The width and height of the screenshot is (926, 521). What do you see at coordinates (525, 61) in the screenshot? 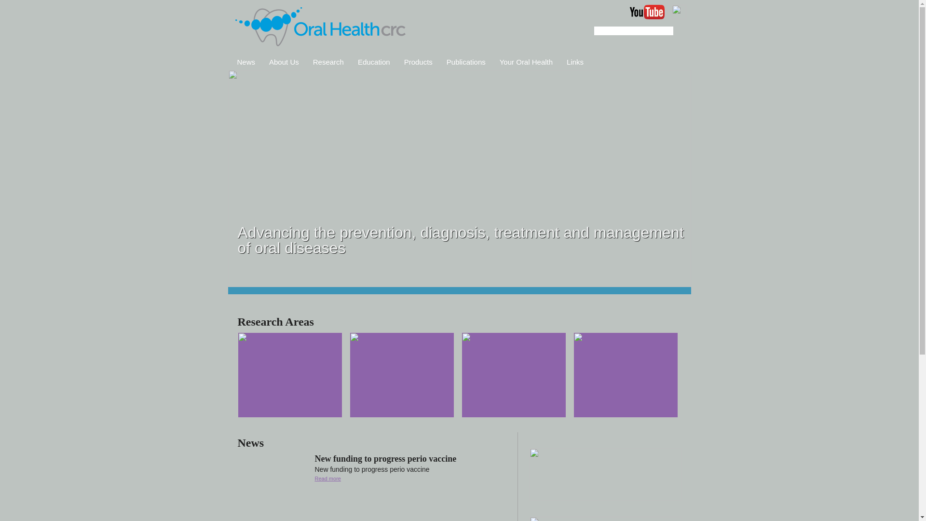
I see `'Your Oral Health'` at bounding box center [525, 61].